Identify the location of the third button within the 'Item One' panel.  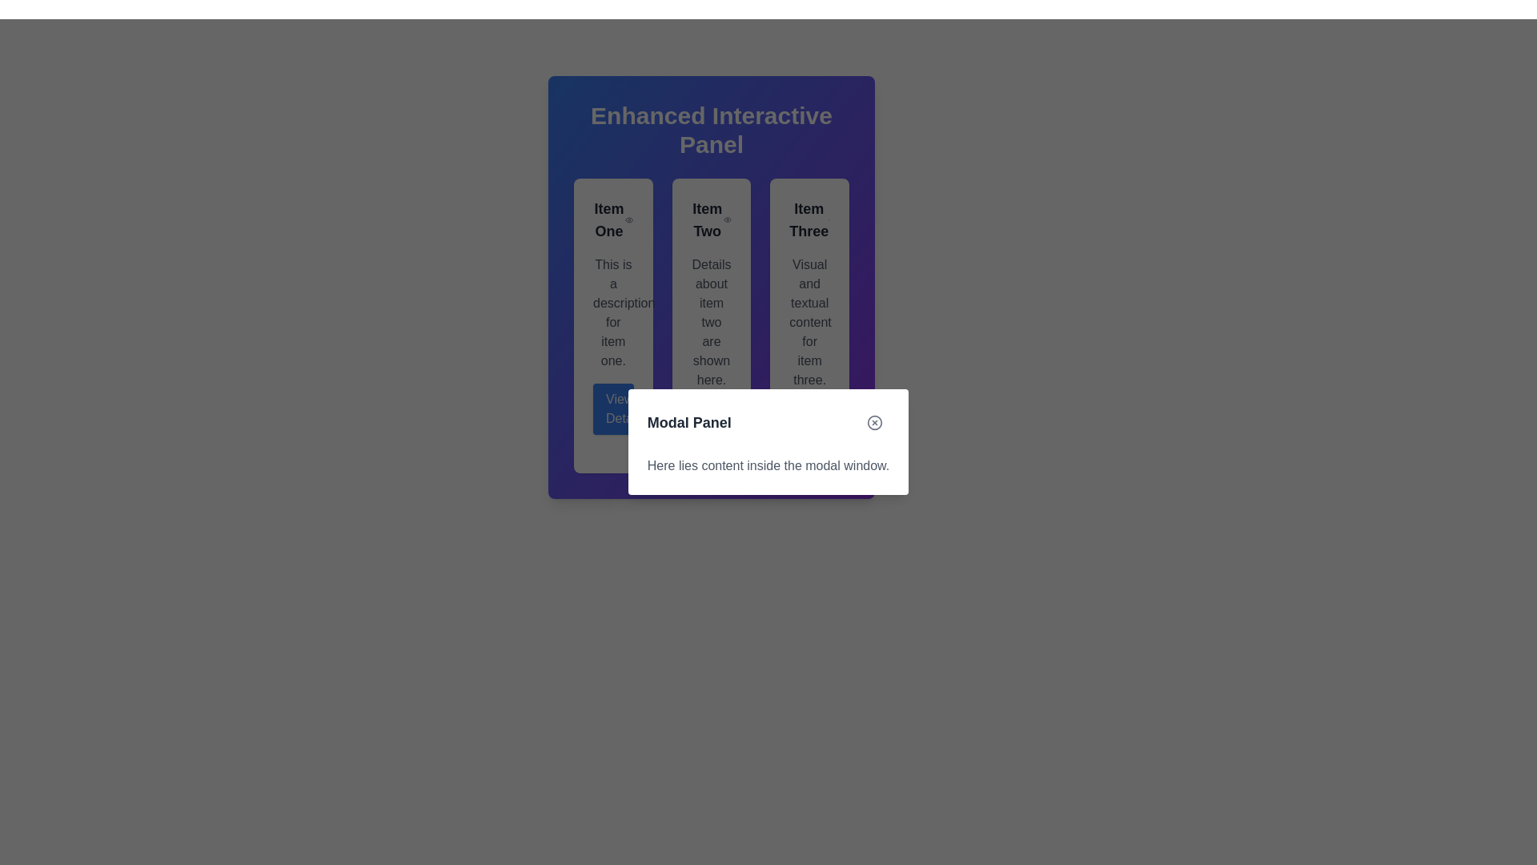
(612, 408).